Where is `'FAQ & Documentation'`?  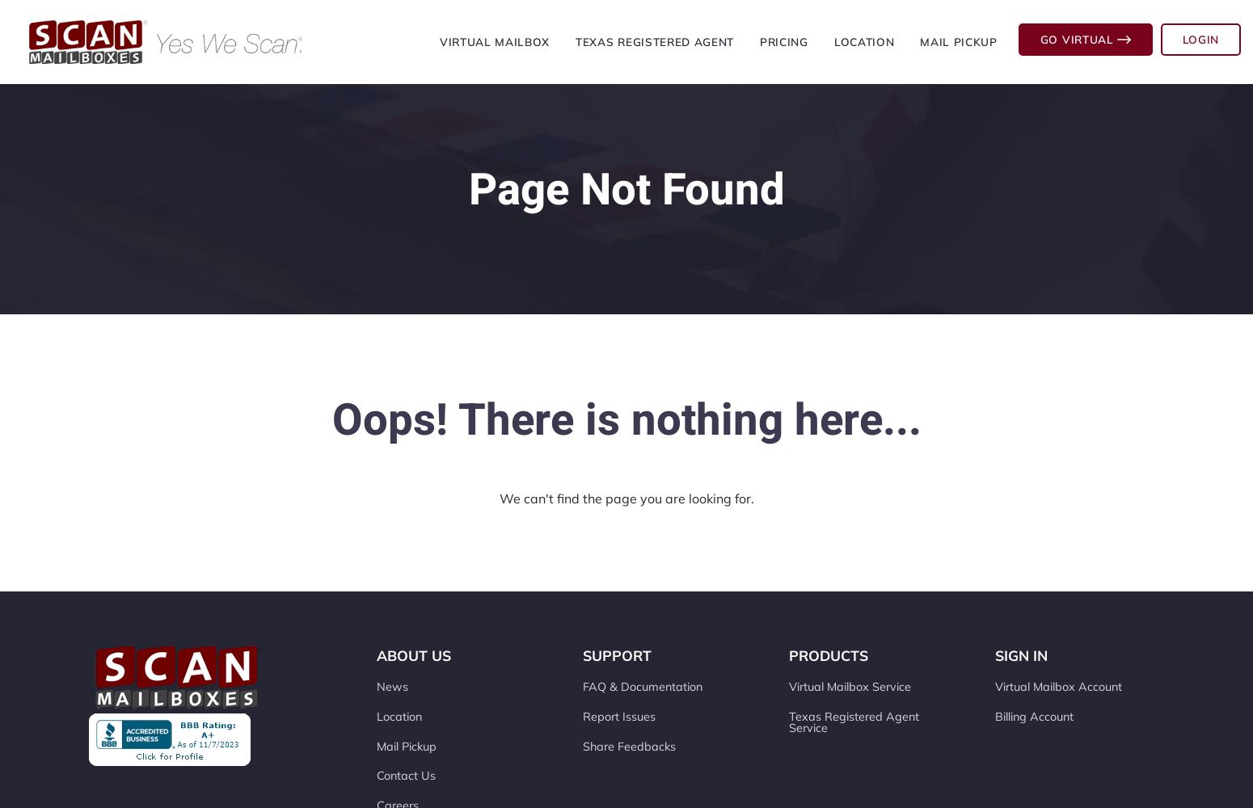 'FAQ & Documentation' is located at coordinates (641, 686).